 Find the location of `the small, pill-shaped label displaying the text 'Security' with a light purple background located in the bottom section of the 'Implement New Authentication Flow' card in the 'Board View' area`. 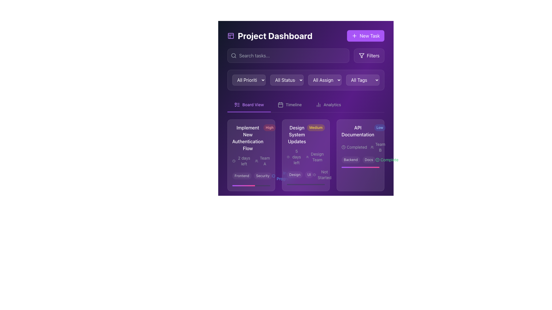

the small, pill-shaped label displaying the text 'Security' with a light purple background located in the bottom section of the 'Implement New Authentication Flow' card in the 'Board View' area is located at coordinates (262, 176).